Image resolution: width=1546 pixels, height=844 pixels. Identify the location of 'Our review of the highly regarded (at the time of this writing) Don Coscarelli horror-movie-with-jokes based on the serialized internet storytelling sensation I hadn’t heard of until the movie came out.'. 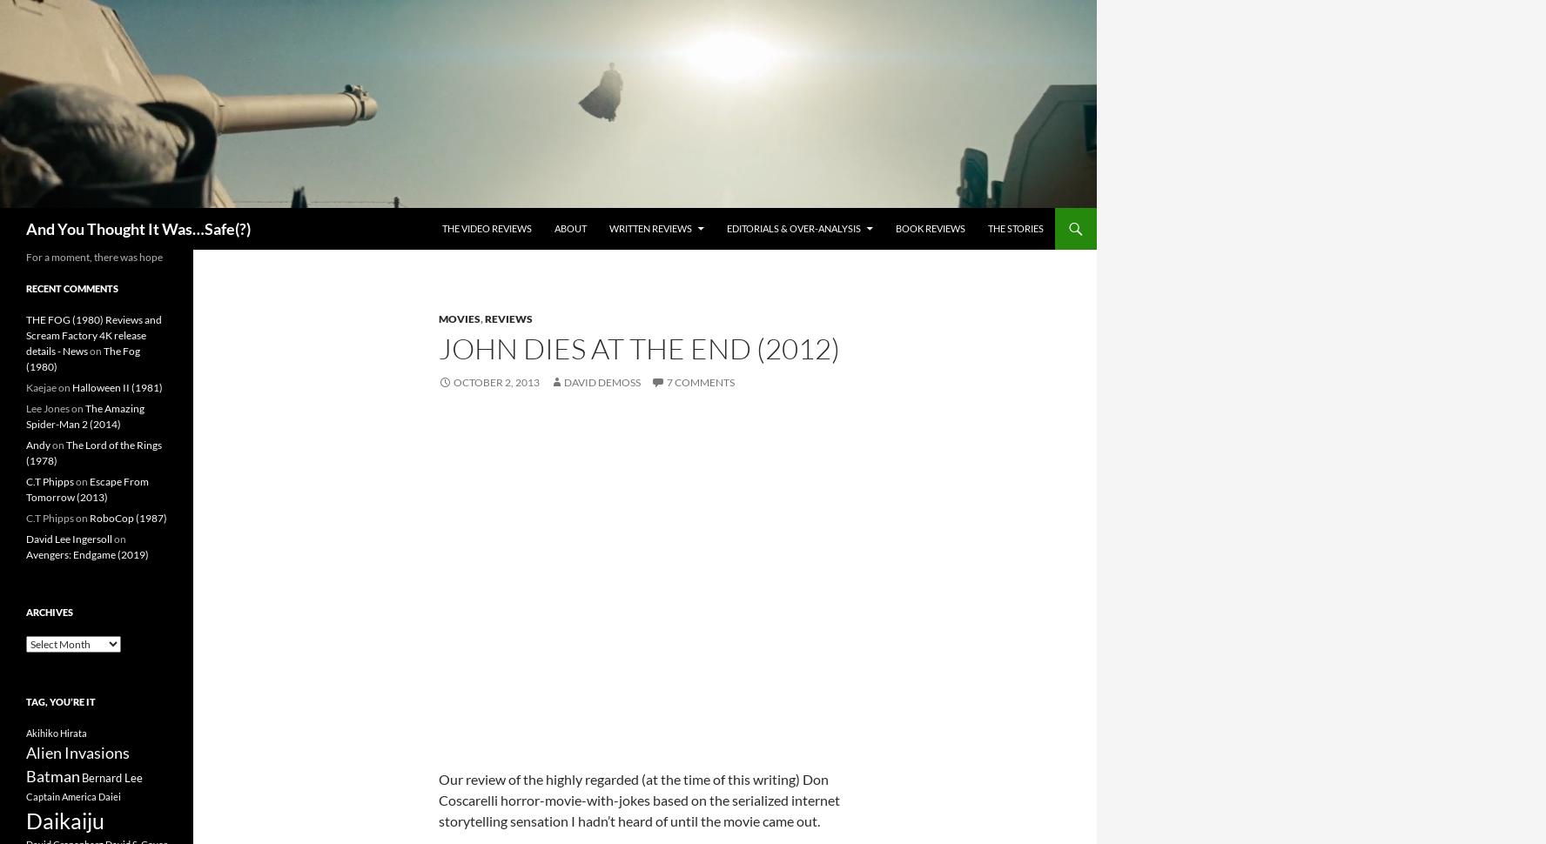
(639, 799).